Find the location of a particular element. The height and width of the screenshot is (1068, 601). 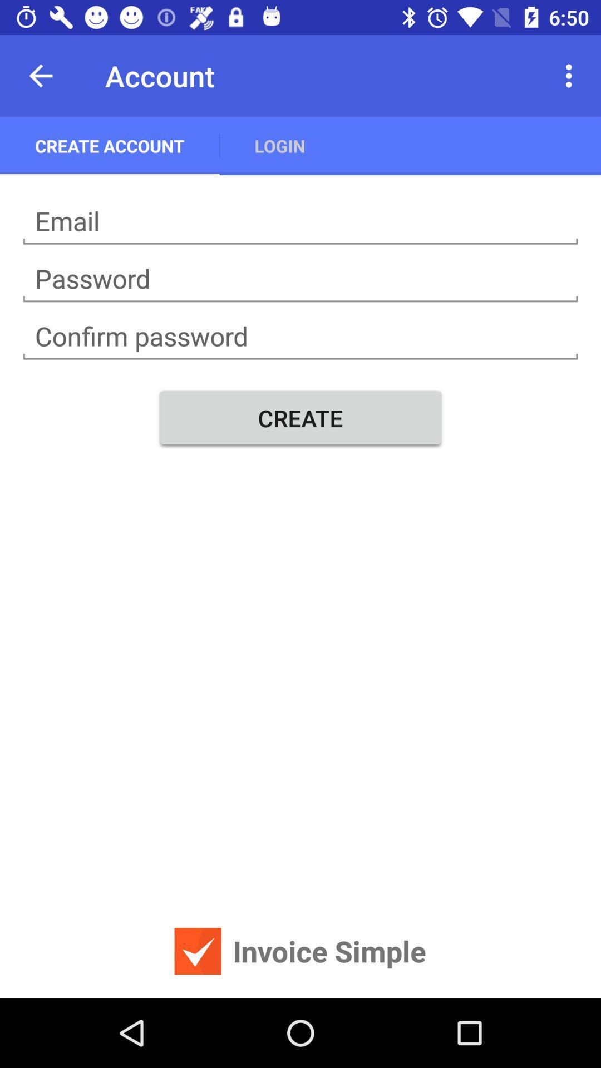

email option is located at coordinates (300, 221).